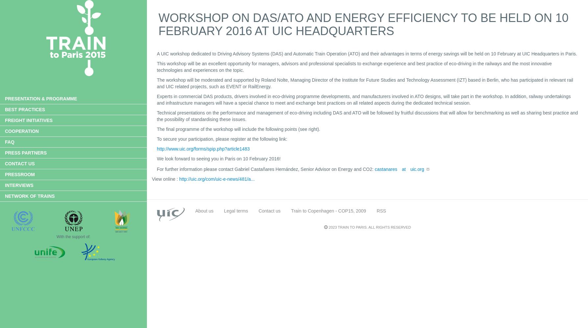 This screenshot has width=588, height=328. Describe the element at coordinates (403, 169) in the screenshot. I see `'at'` at that location.